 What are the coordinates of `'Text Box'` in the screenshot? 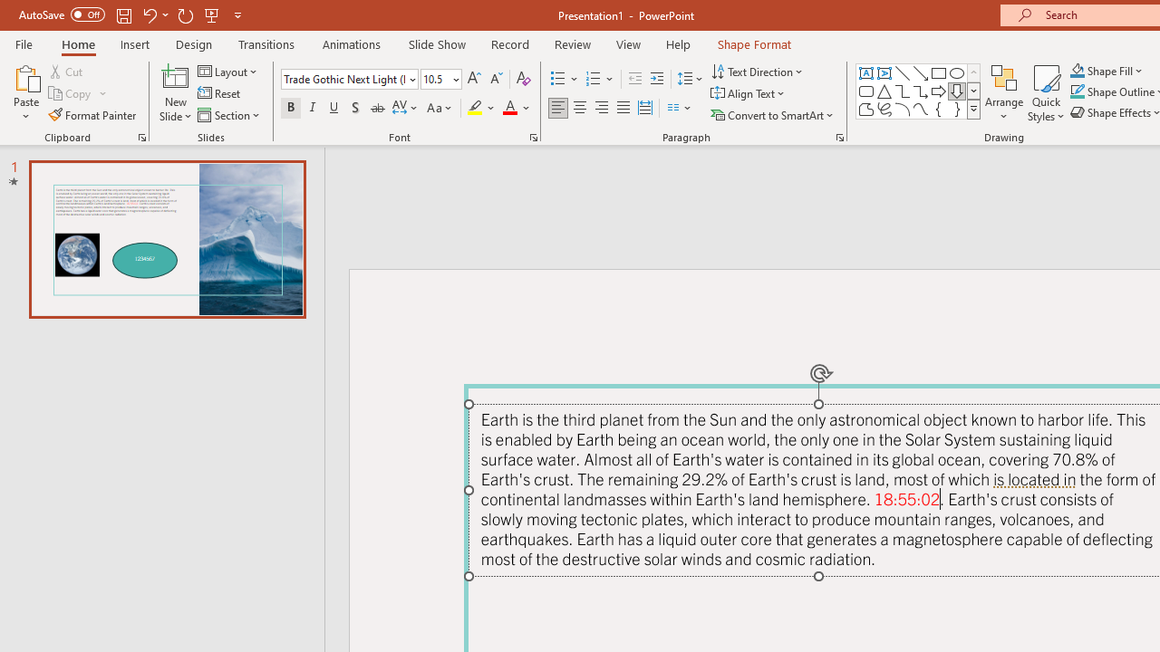 It's located at (865, 72).